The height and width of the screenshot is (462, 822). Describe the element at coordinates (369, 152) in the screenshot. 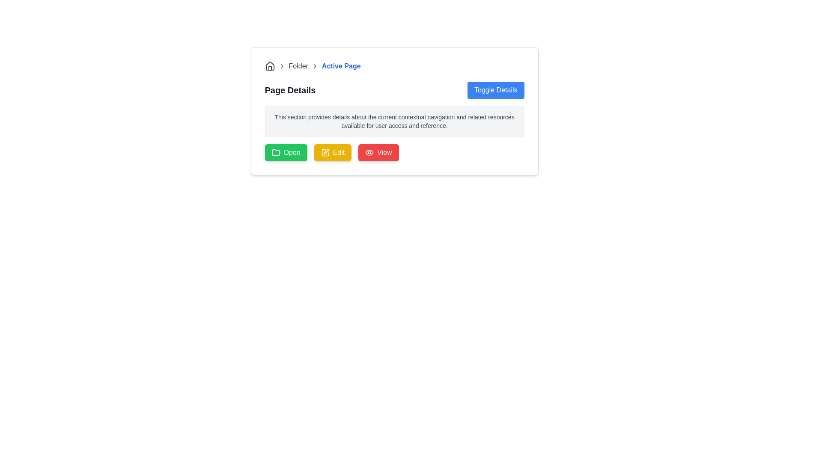

I see `the eye-shaped icon located to the left of the 'View' text on the red button` at that location.